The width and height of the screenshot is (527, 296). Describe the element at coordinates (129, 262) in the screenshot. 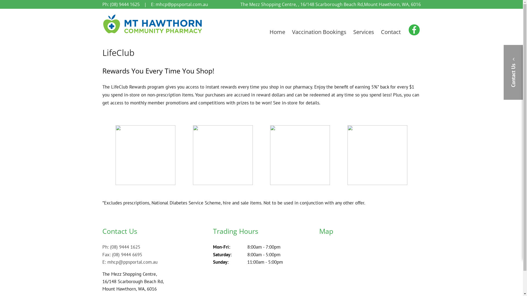

I see `'E: mhcp@ppsportal.com.au'` at that location.